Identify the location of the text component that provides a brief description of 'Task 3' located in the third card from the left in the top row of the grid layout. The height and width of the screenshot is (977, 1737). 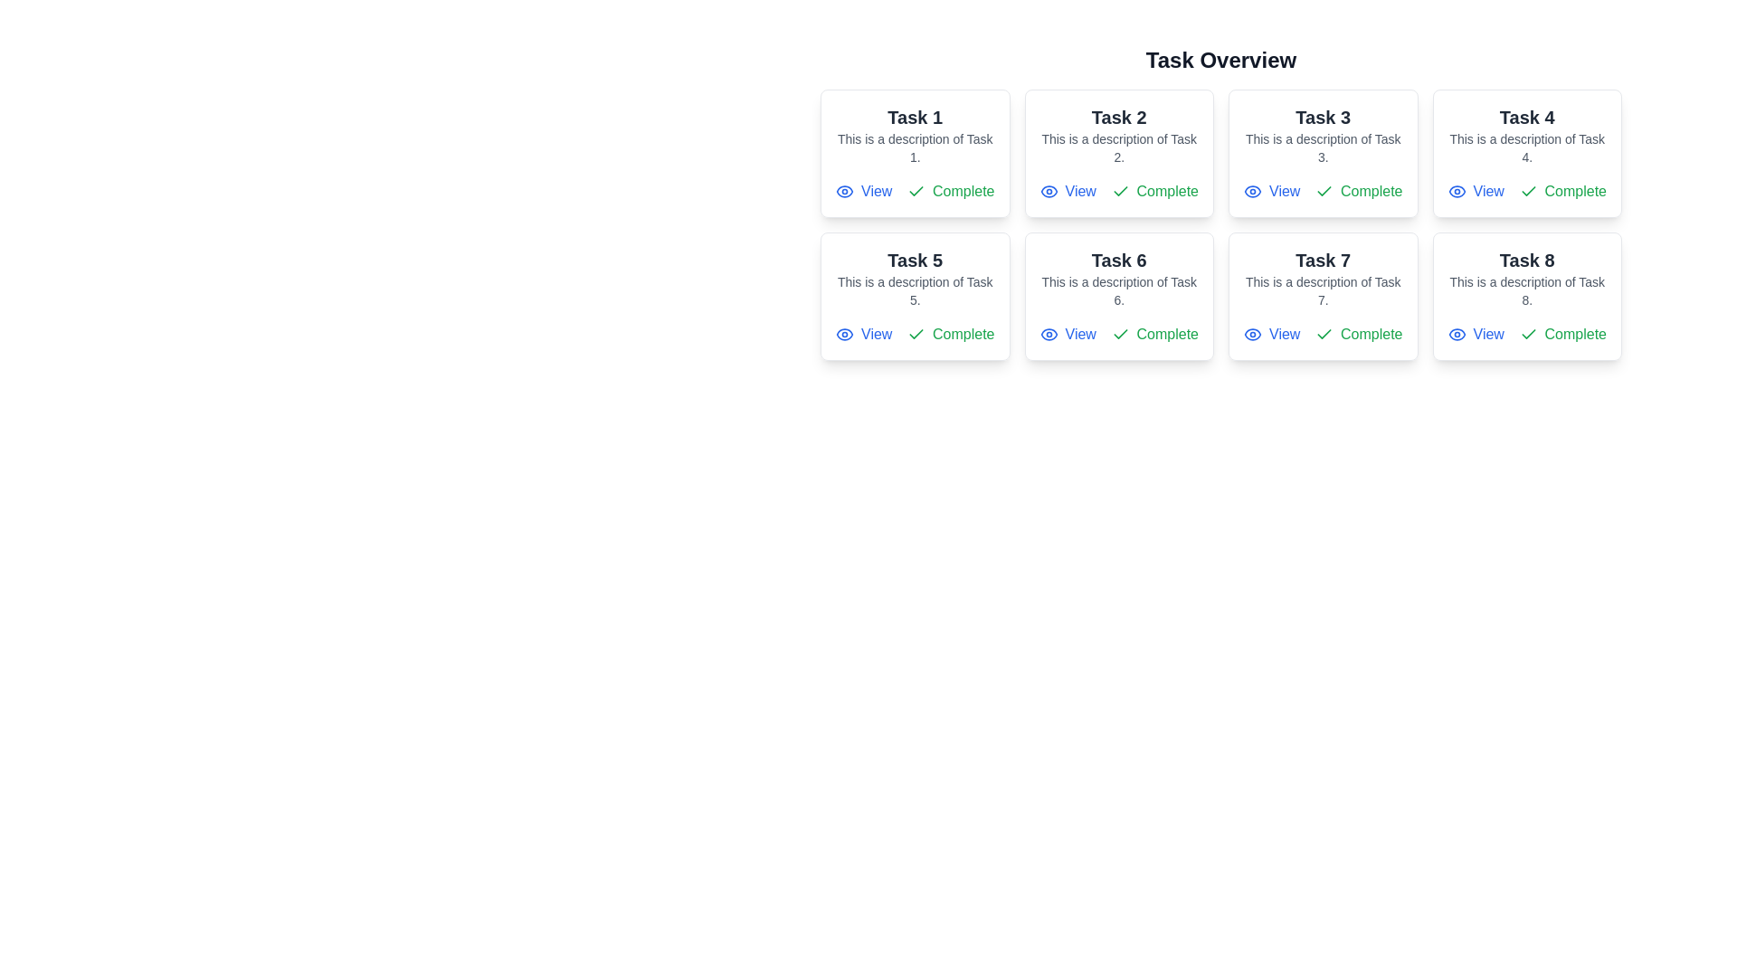
(1323, 147).